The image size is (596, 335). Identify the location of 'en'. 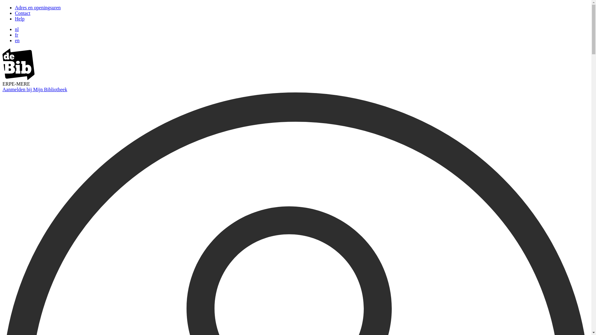
(17, 40).